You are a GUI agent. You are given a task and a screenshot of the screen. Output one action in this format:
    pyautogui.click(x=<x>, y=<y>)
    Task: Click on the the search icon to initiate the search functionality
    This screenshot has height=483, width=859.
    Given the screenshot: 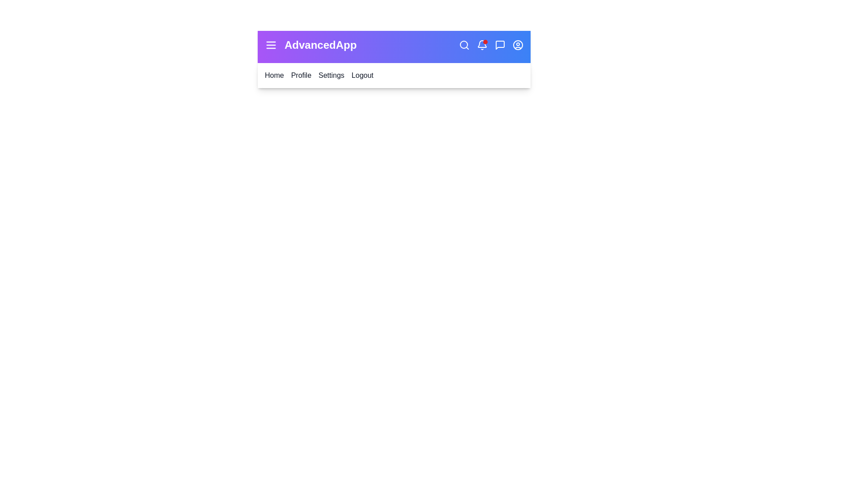 What is the action you would take?
    pyautogui.click(x=464, y=45)
    